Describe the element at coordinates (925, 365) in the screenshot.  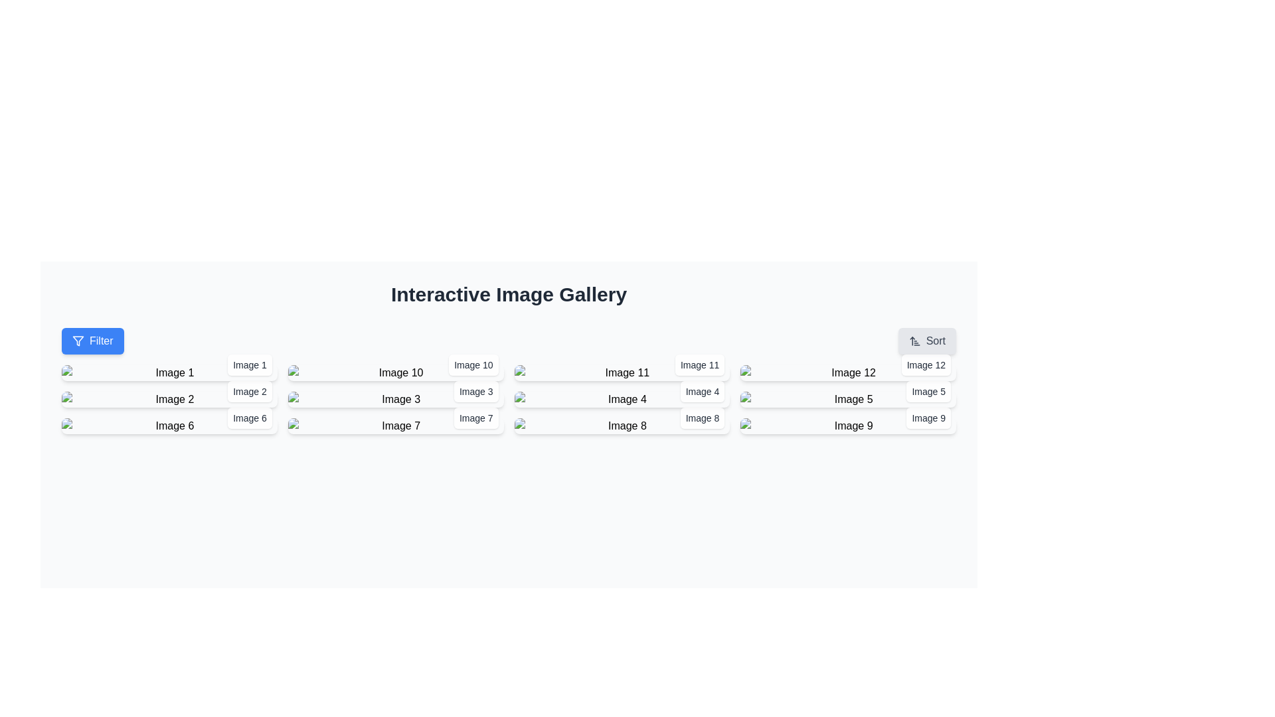
I see `the text label located in the bottom-right corner of the section displaying the twelfth image in the gallery` at that location.